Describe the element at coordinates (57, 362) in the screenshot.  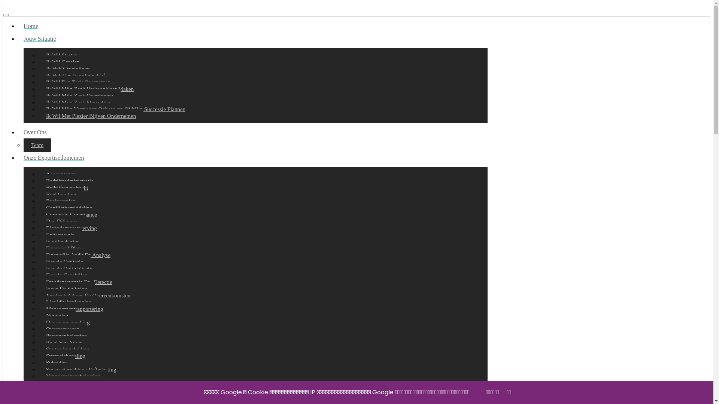
I see `'Subsidies'` at that location.